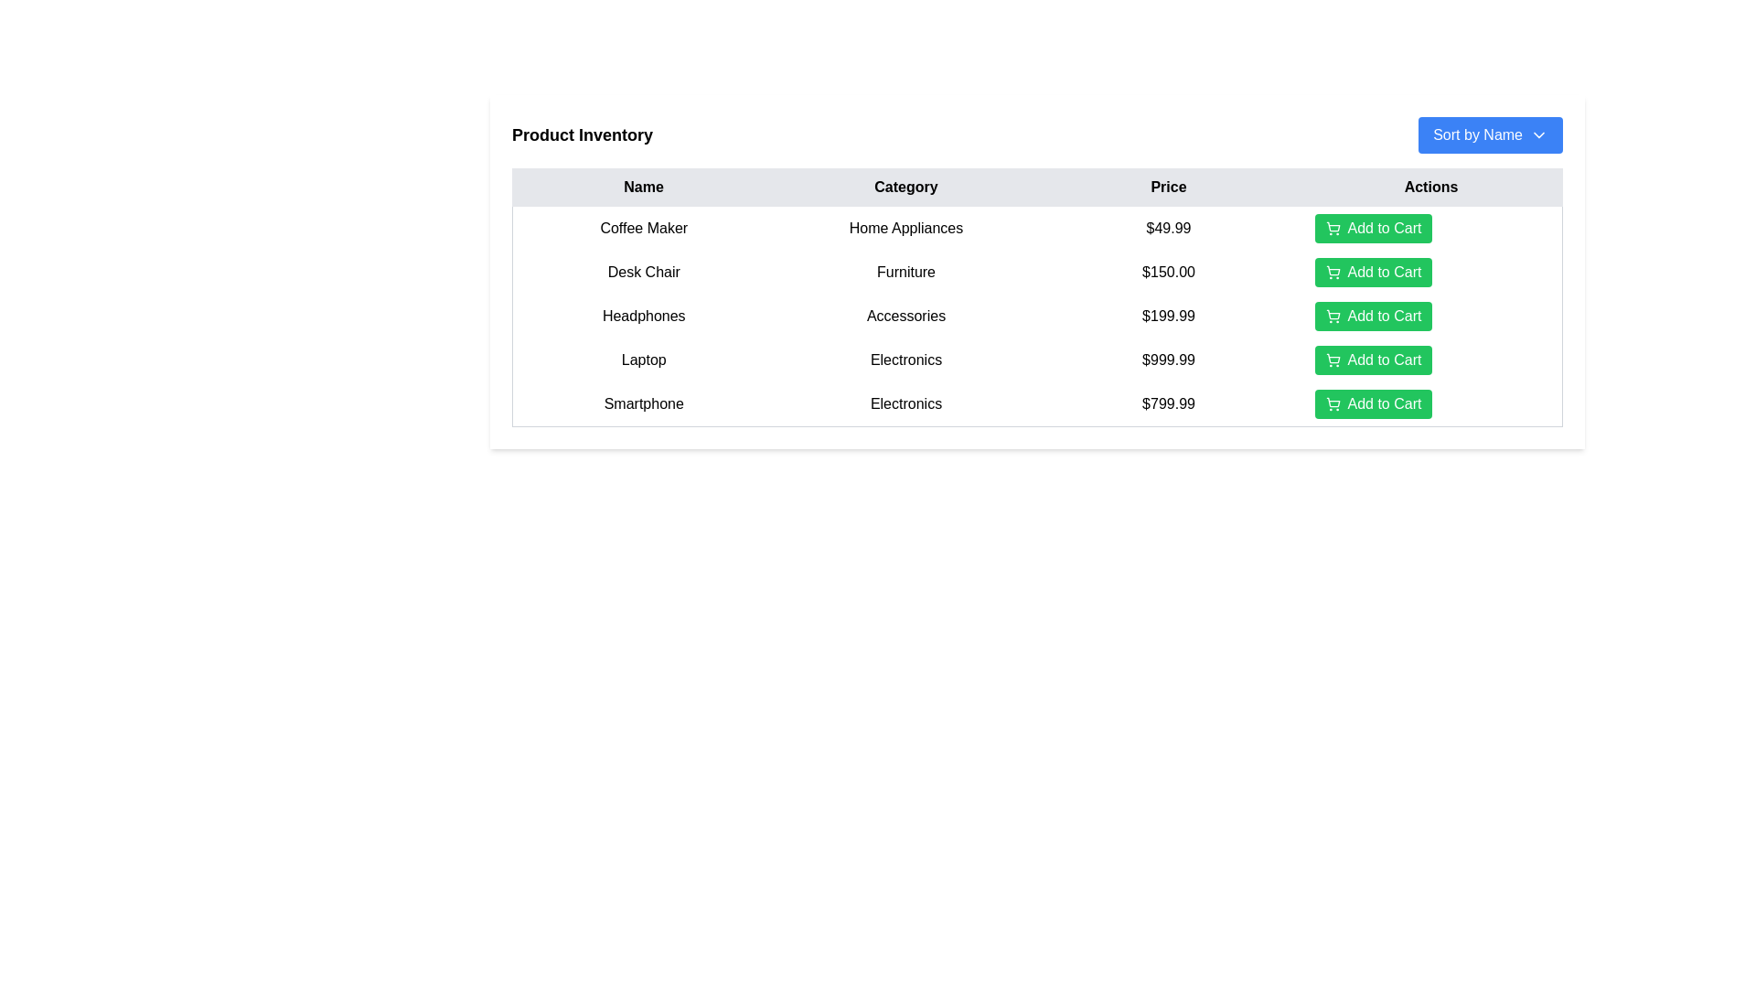 This screenshot has height=988, width=1756. Describe the element at coordinates (1167, 360) in the screenshot. I see `the Text Label displaying the price of the laptop located in the third column and third row of the table` at that location.